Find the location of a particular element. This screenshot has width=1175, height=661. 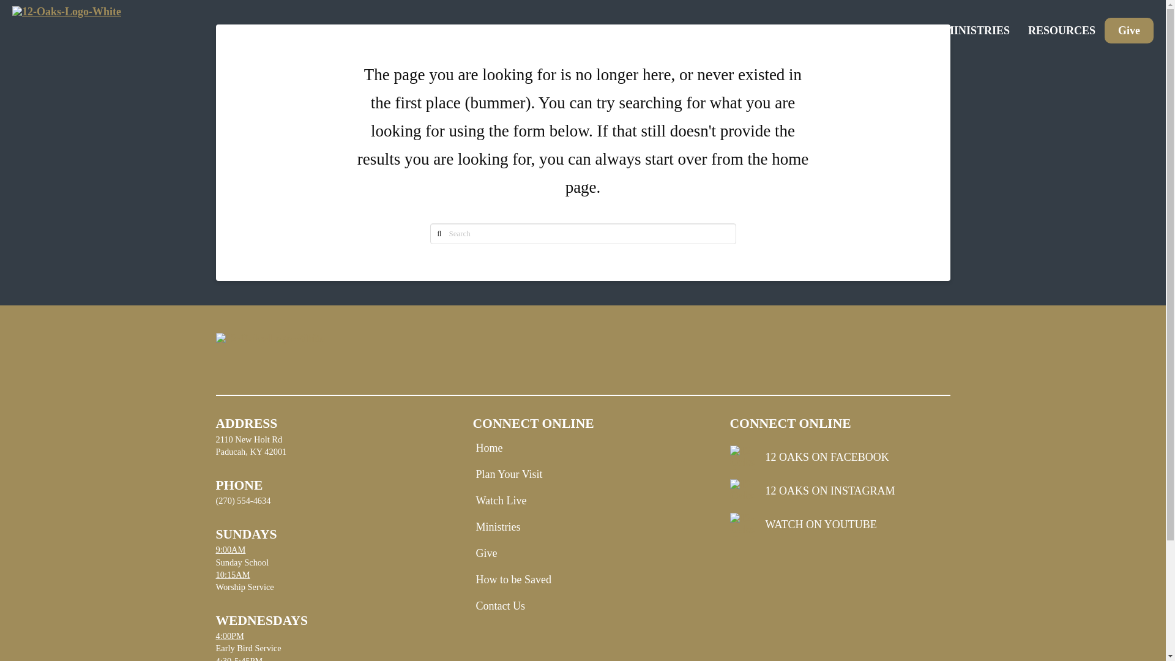

'How to be Saved' is located at coordinates (516, 579).